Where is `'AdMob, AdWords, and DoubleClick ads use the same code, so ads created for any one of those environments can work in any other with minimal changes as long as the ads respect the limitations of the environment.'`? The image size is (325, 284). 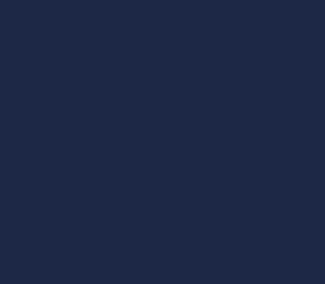 'AdMob, AdWords, and DoubleClick ads use the same code, so ads created for any one of those environments can work in any other with minimal changes as long as the ads respect the limitations of the environment.' is located at coordinates (162, 233).